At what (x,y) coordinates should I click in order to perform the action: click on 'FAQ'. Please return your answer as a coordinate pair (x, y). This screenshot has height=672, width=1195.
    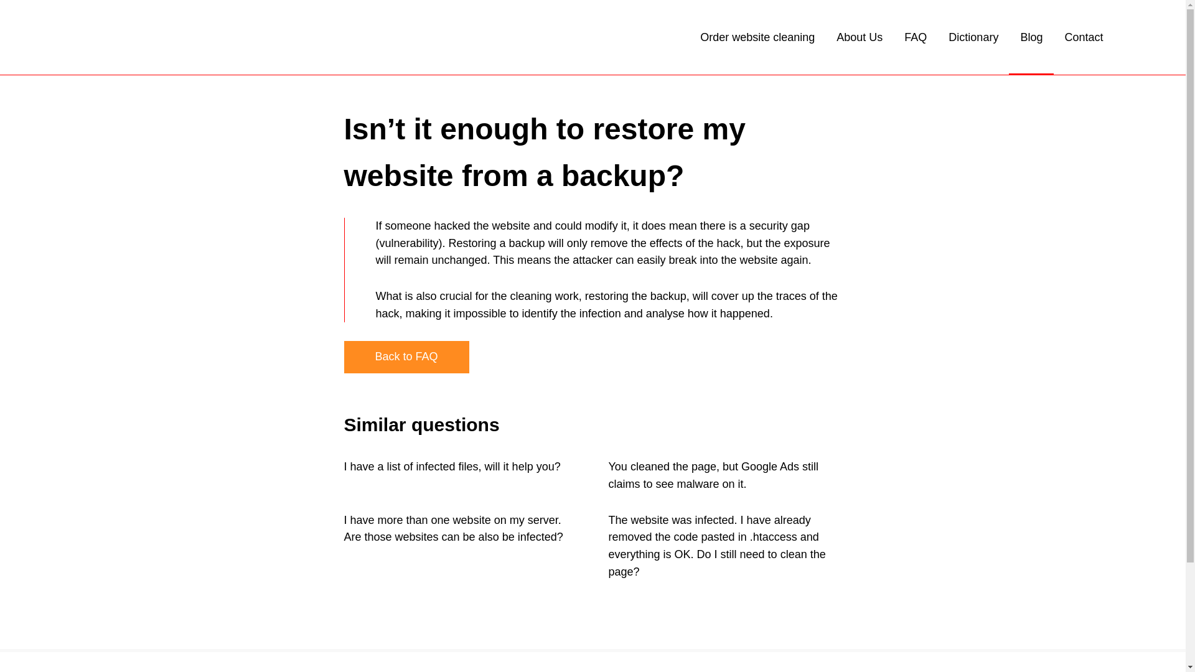
    Looking at the image, I should click on (915, 37).